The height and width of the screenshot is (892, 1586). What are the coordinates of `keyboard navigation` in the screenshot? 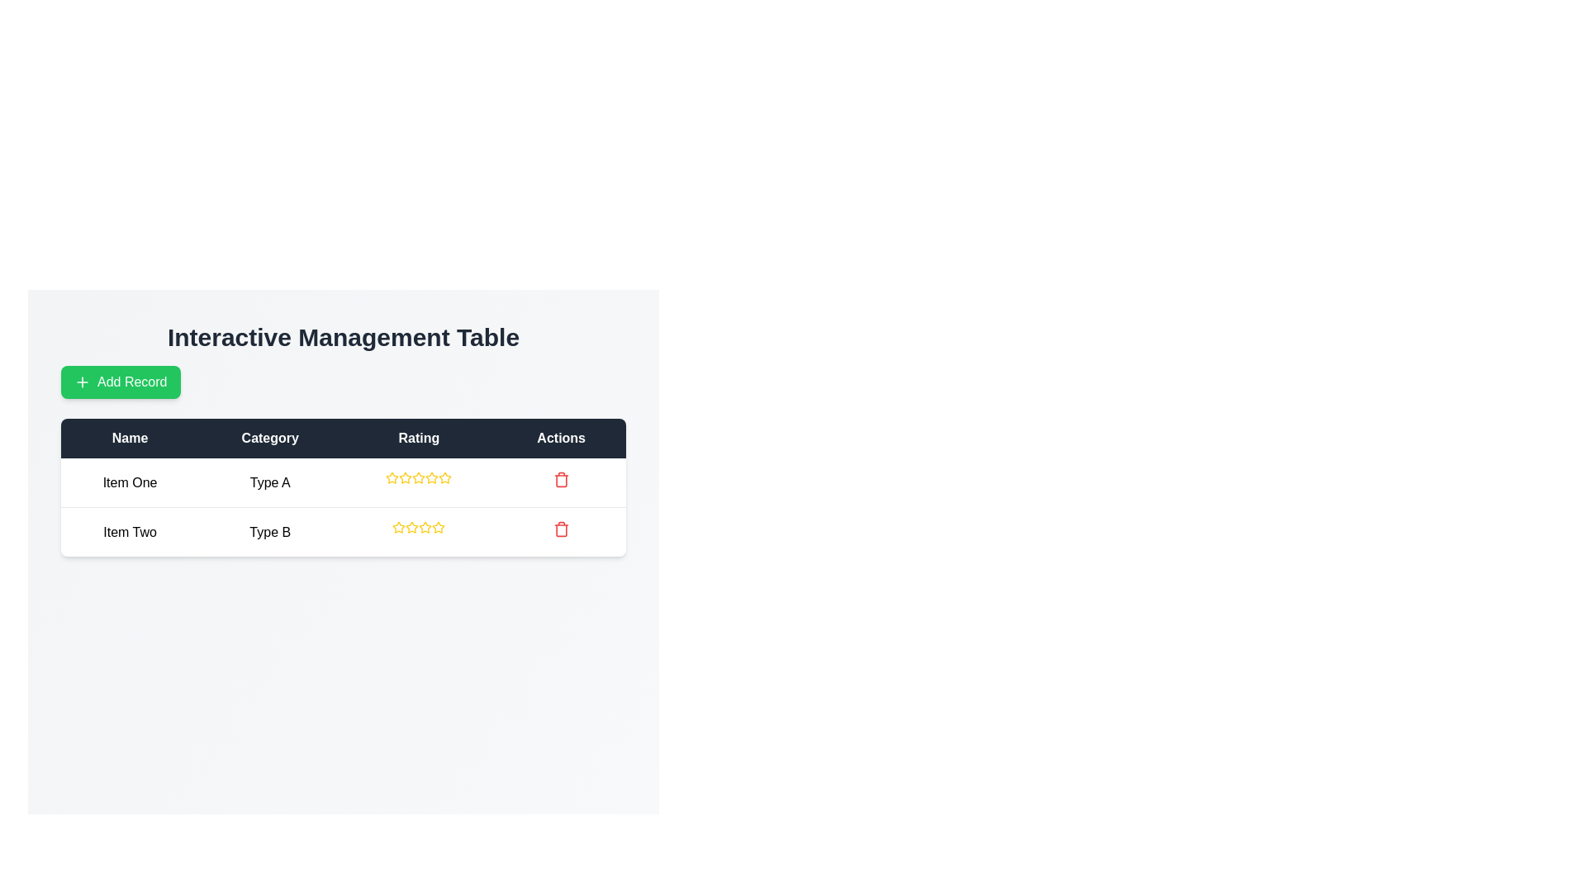 It's located at (392, 477).